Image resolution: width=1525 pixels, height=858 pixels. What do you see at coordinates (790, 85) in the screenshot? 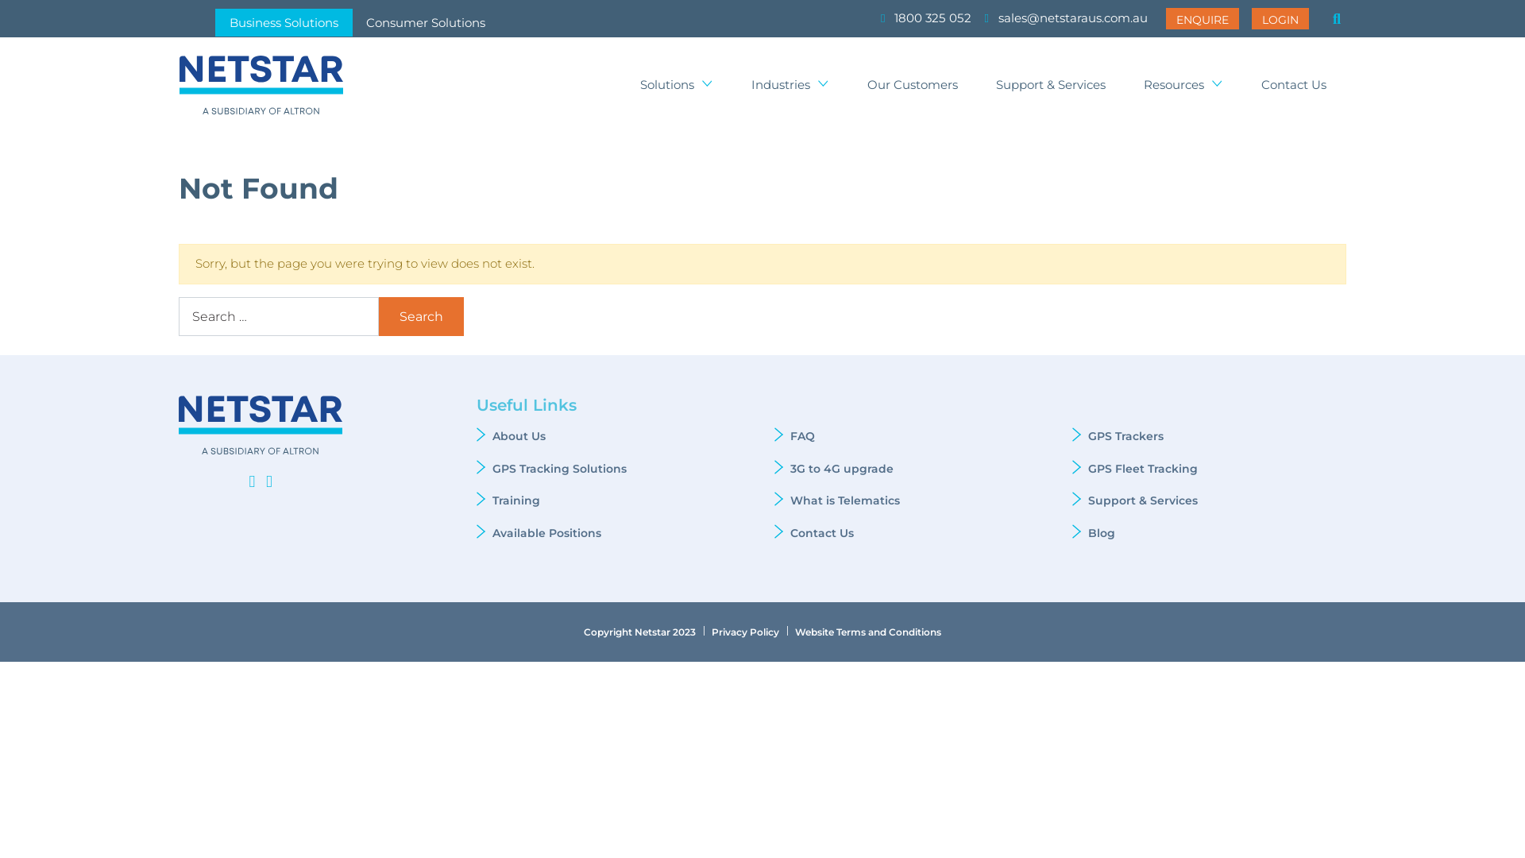
I see `'Industries'` at bounding box center [790, 85].